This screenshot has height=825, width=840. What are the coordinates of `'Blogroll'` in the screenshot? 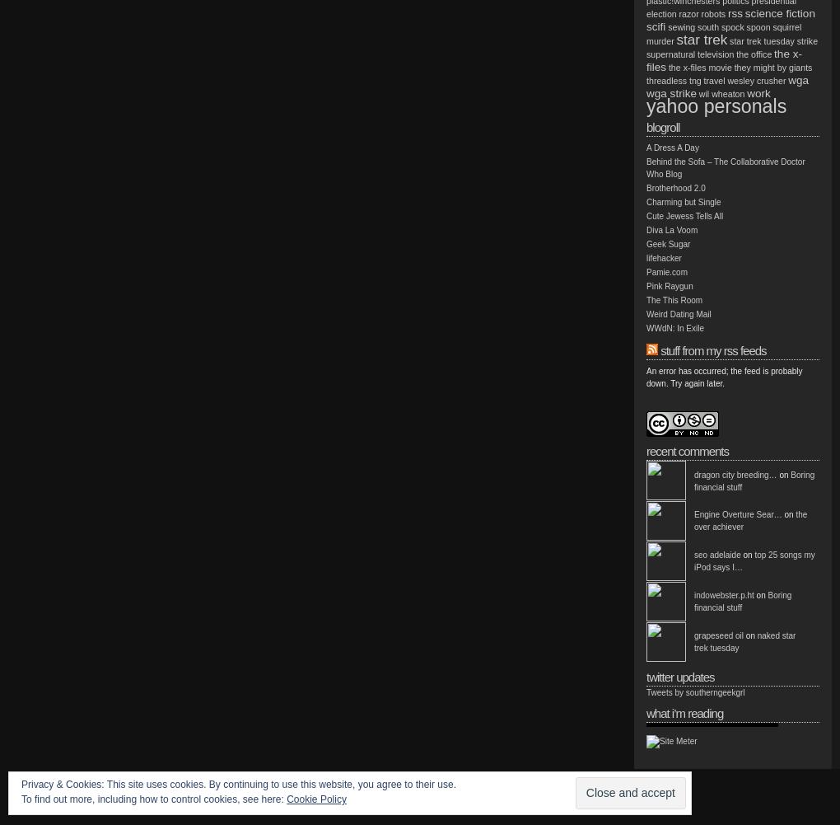 It's located at (661, 127).